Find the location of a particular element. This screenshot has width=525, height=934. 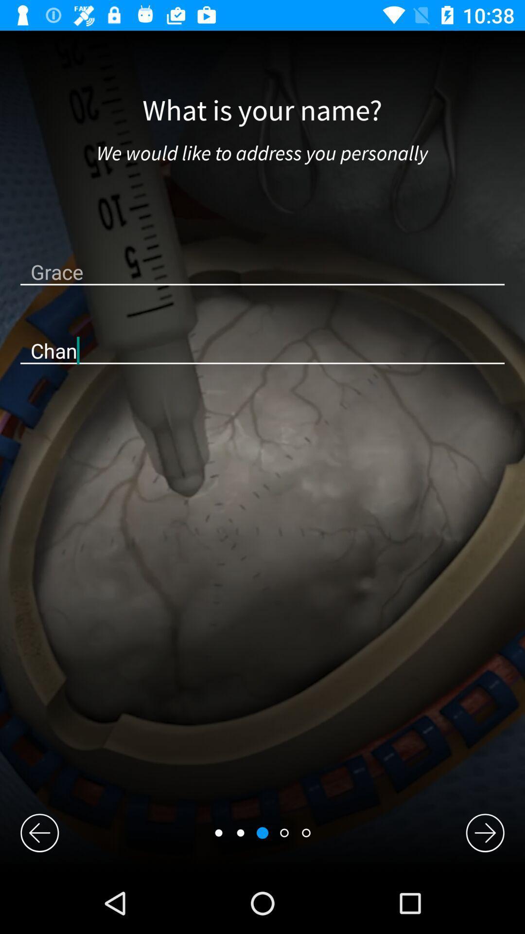

the icon below the grace icon is located at coordinates (262, 350).